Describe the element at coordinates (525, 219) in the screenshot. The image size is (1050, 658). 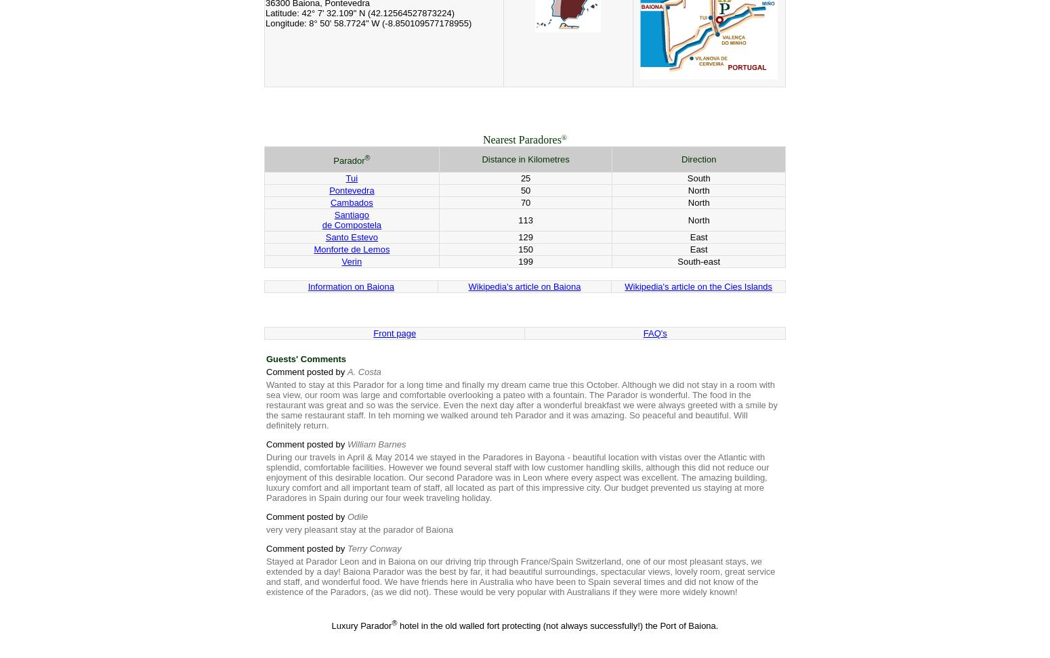
I see `'113'` at that location.